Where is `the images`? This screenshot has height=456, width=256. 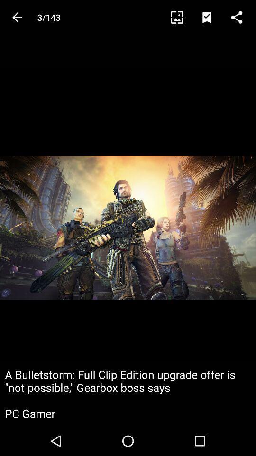 the images is located at coordinates (181, 17).